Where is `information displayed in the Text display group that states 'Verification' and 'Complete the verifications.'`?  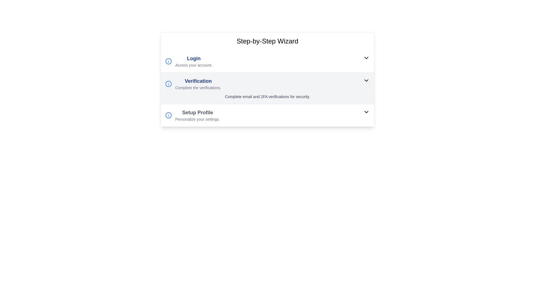
information displayed in the Text display group that states 'Verification' and 'Complete the verifications.' is located at coordinates (198, 84).